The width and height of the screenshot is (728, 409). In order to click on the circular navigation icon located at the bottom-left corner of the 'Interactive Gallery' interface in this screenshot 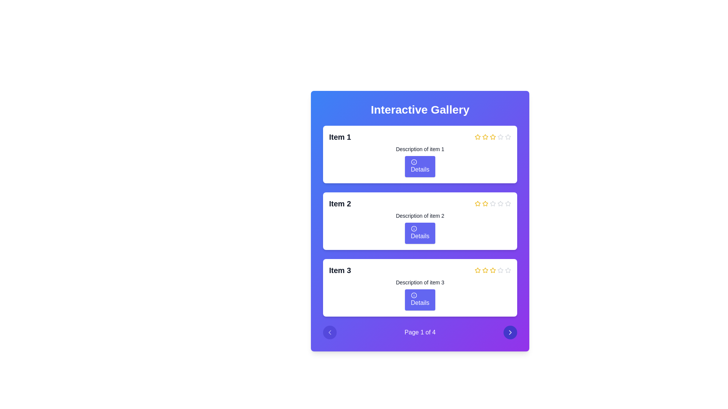, I will do `click(329, 332)`.